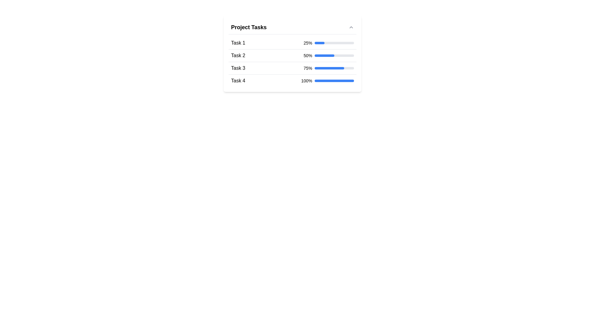 The height and width of the screenshot is (332, 590). Describe the element at coordinates (327, 80) in the screenshot. I see `the progress bar information of 'Task 4' which displays '100%'` at that location.